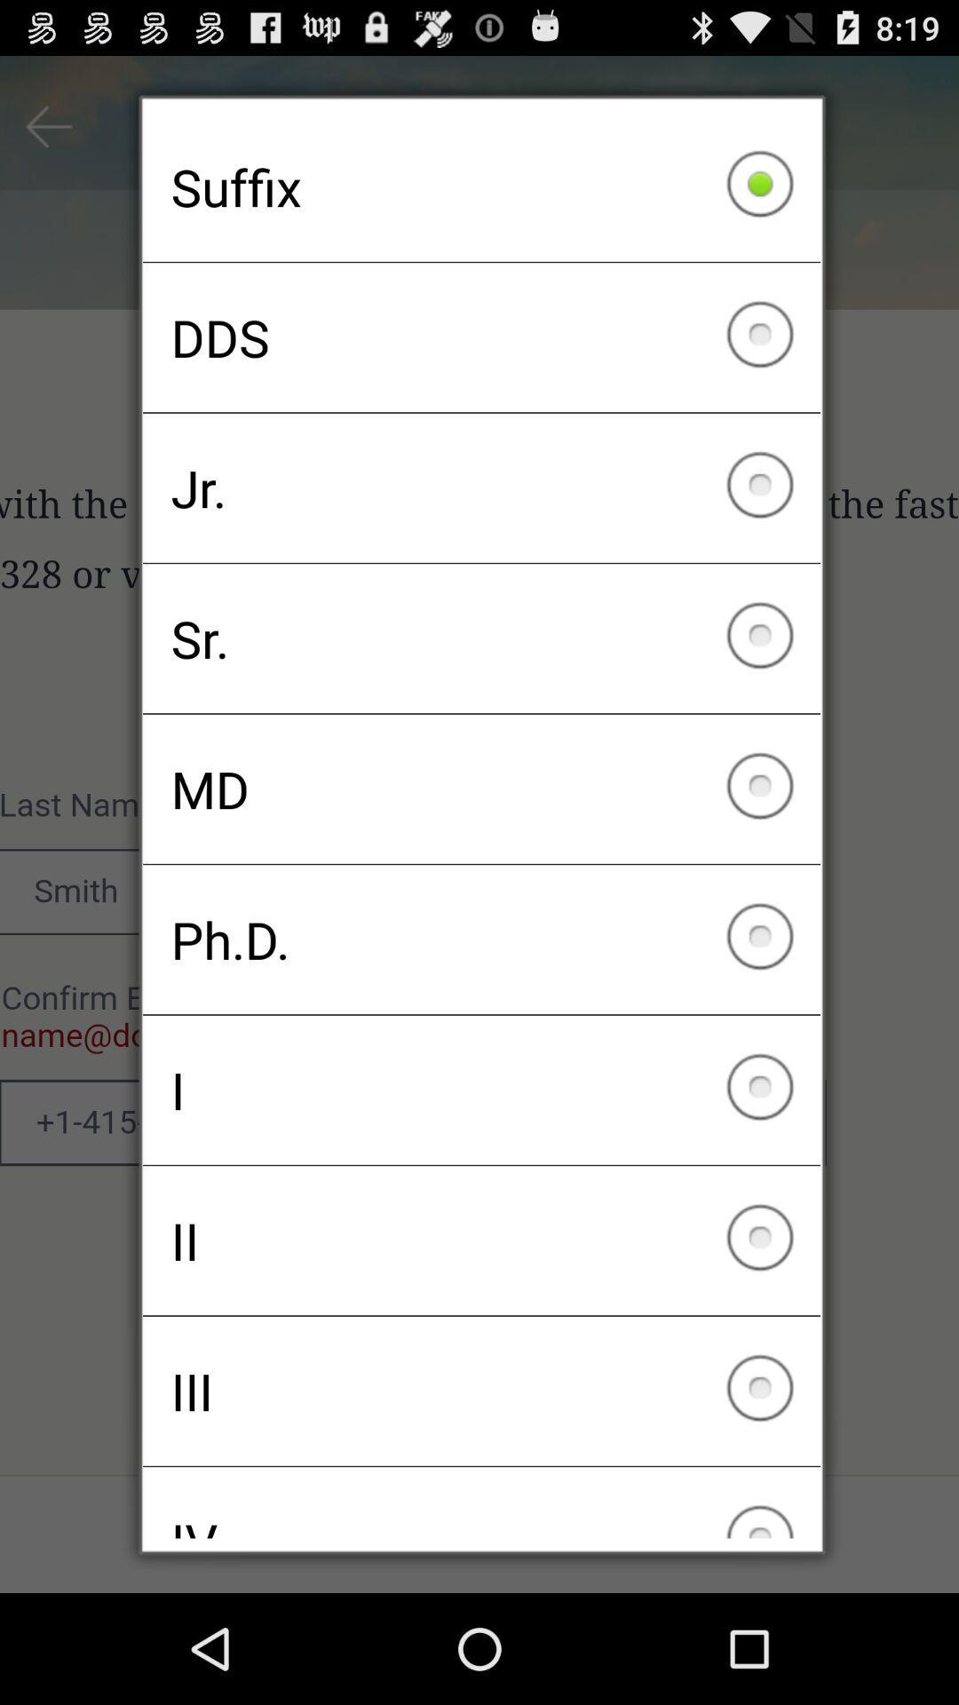 The height and width of the screenshot is (1705, 959). What do you see at coordinates (481, 638) in the screenshot?
I see `sr. checkbox` at bounding box center [481, 638].